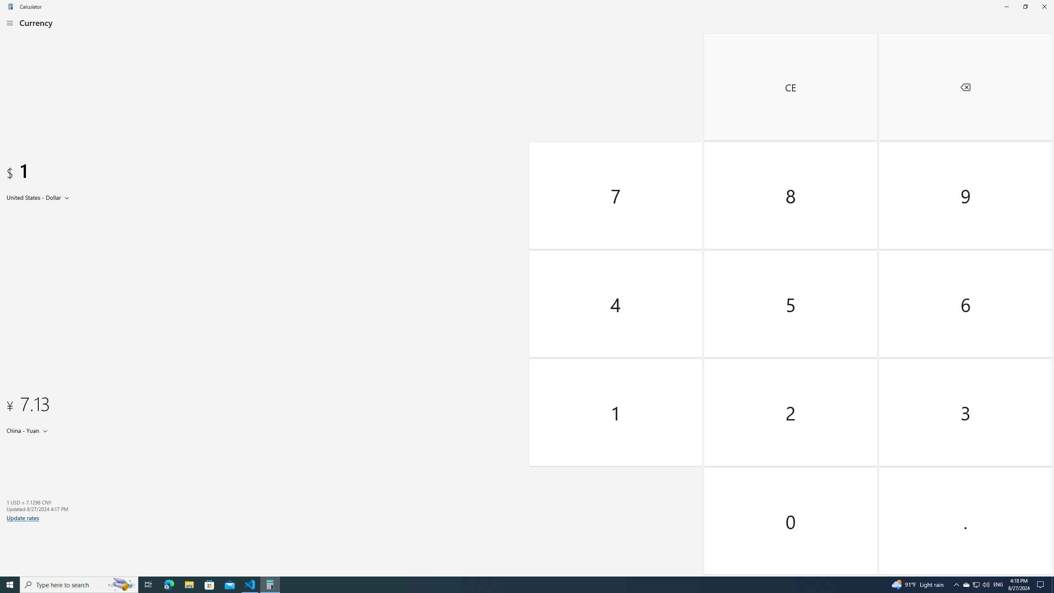  Describe the element at coordinates (965, 195) in the screenshot. I see `'Nine'` at that location.